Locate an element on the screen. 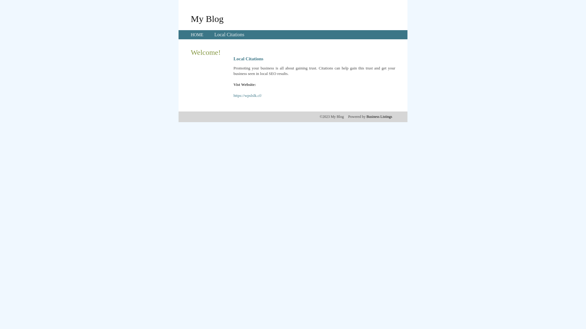 This screenshot has height=329, width=586. 'Business Listings' is located at coordinates (379, 116).